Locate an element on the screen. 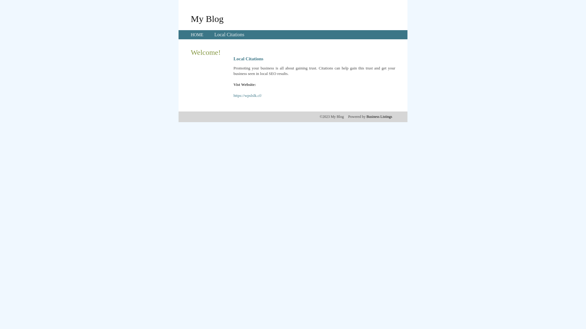 This screenshot has height=329, width=586. 'Business Listings' is located at coordinates (379, 116).